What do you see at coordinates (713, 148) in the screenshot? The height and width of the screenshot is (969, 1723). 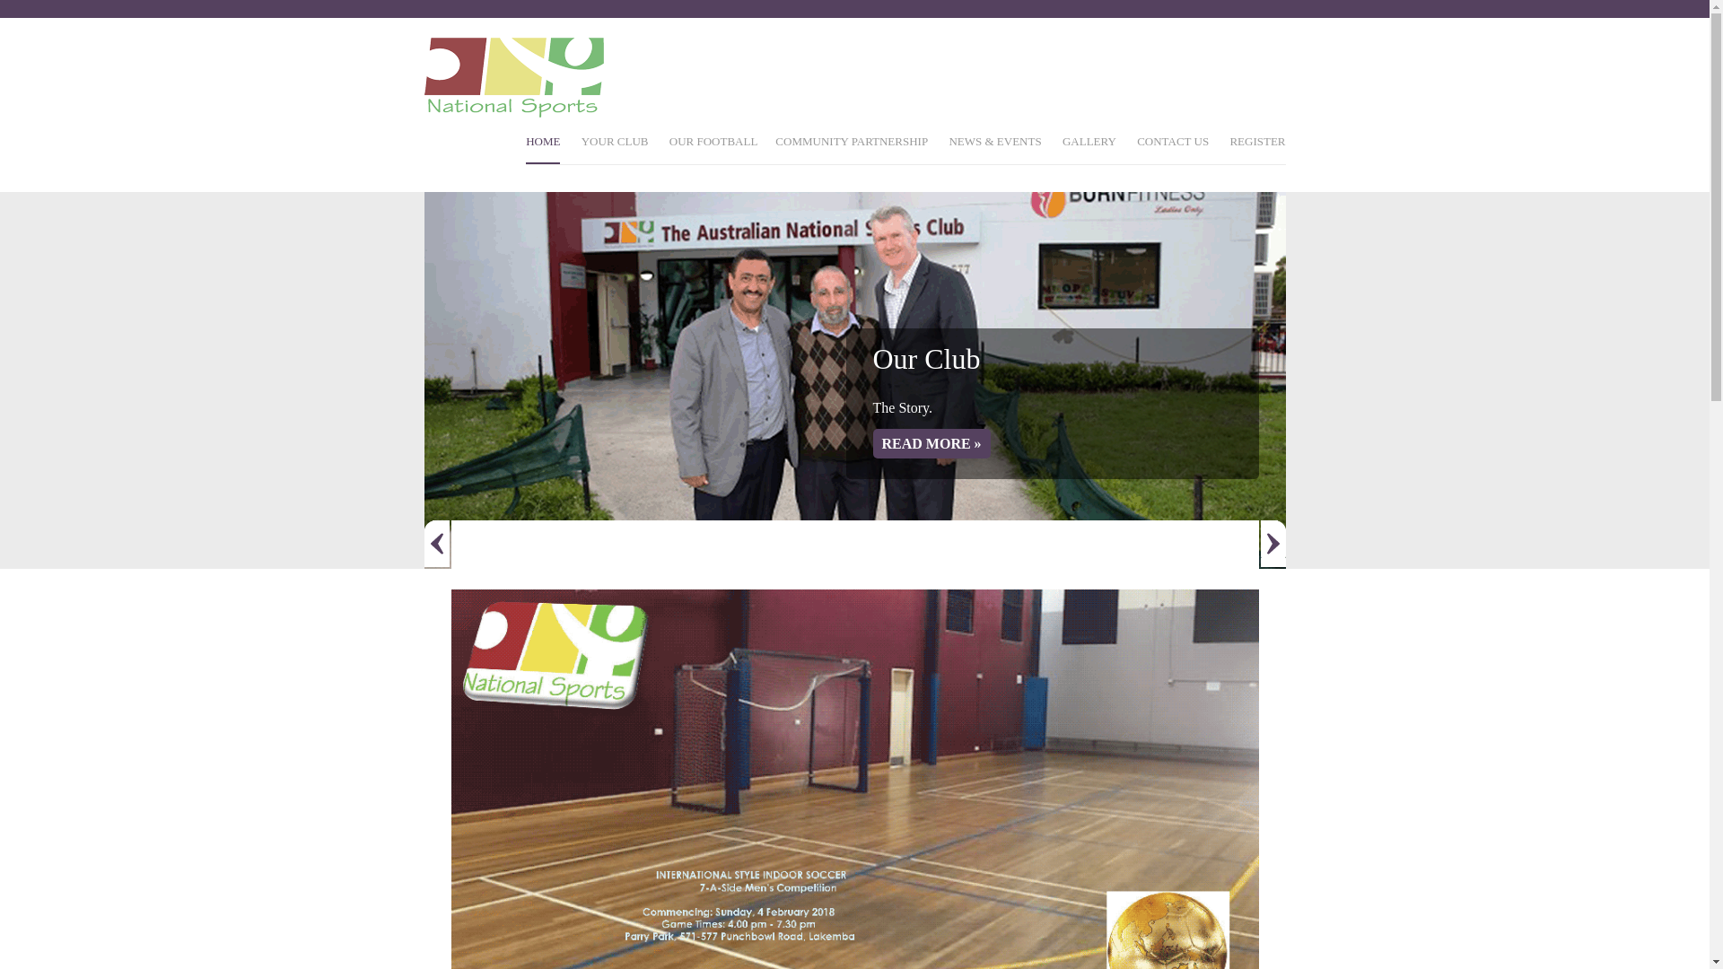 I see `'OUR FOOTBALL'` at bounding box center [713, 148].